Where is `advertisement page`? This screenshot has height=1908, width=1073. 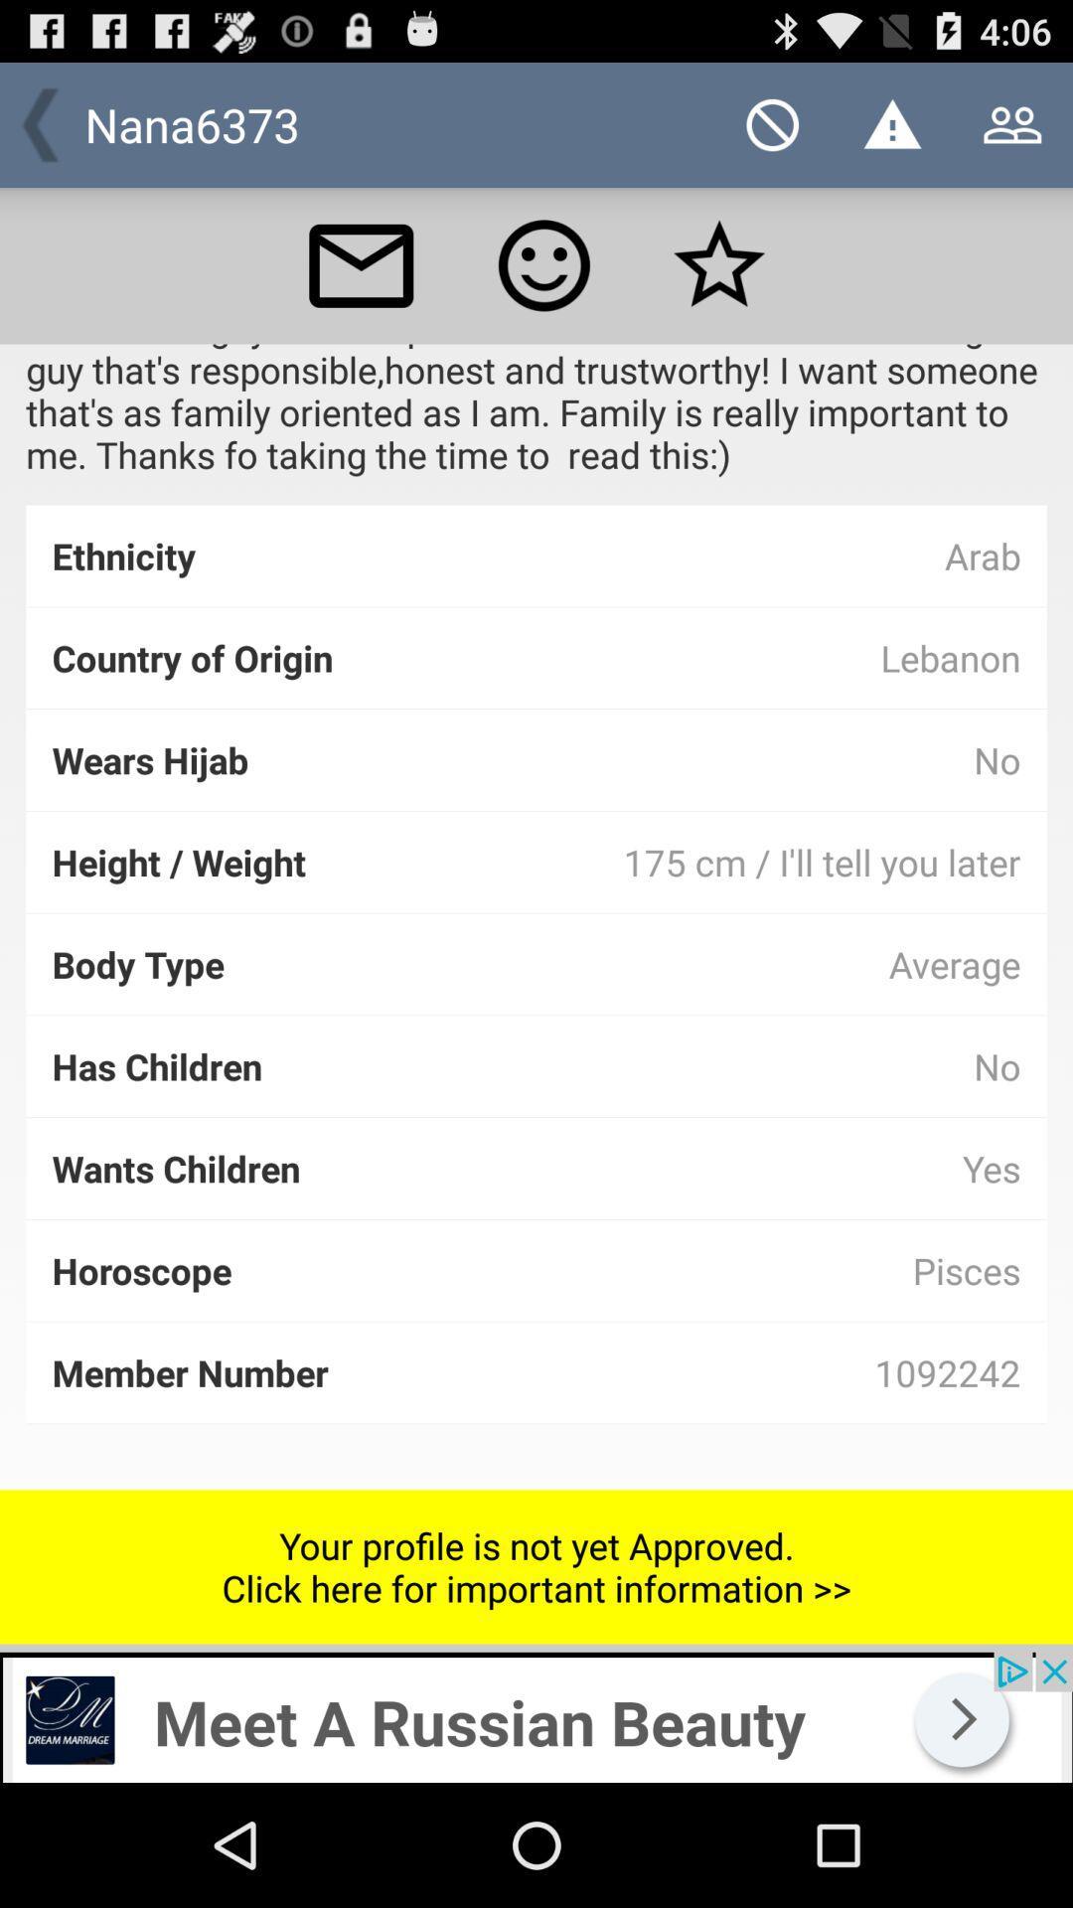 advertisement page is located at coordinates (536, 1716).